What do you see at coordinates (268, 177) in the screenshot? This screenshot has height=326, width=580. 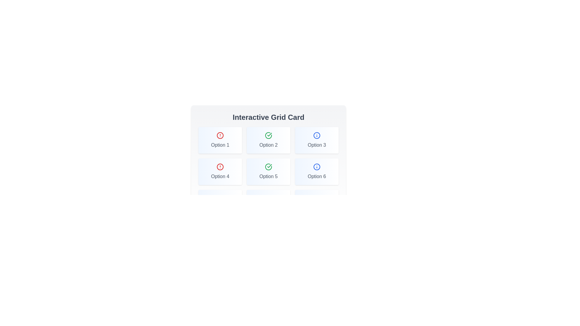 I see `the text label 'Option 5' located in the bottom-left corner of the interactive grid of options` at bounding box center [268, 177].